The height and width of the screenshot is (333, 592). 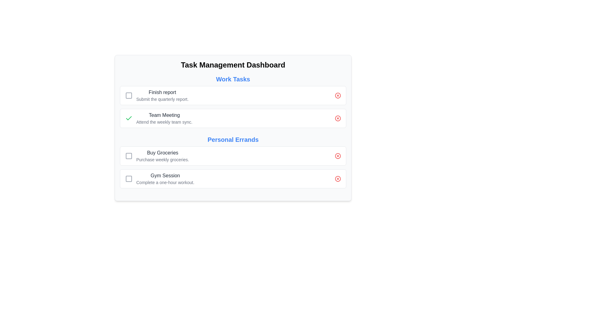 What do you see at coordinates (164, 122) in the screenshot?
I see `the Text label providing additional details about the 'Team Meeting' task, located beneath the 'Team Meeting' header in the 'Work Tasks' section` at bounding box center [164, 122].